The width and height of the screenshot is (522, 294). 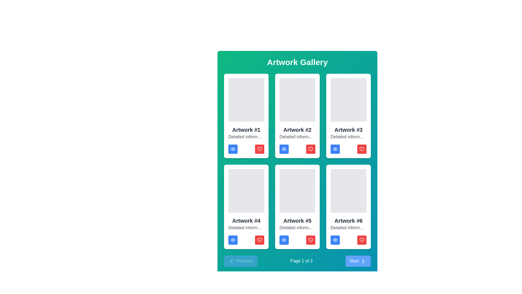 I want to click on the blue button with a rounded rectangle shape and an eye icon located beneath 'Artwork #1', so click(x=233, y=149).